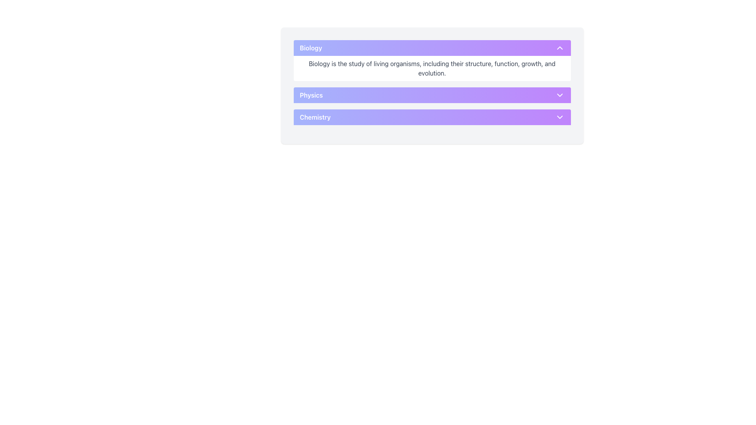 This screenshot has height=425, width=756. I want to click on the upward-facing chevron icon outlined in white, located at the rightmost end of the purple header bar labeled 'Biology', so click(559, 48).